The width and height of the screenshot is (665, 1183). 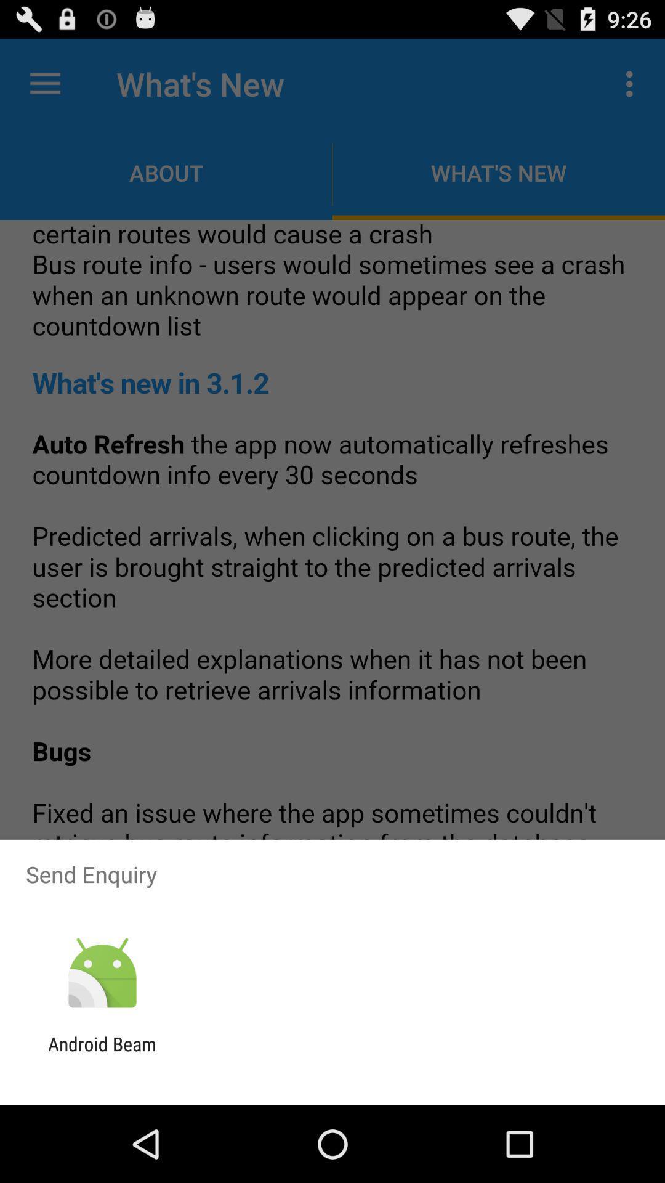 What do you see at coordinates (102, 973) in the screenshot?
I see `item below the send enquiry icon` at bounding box center [102, 973].